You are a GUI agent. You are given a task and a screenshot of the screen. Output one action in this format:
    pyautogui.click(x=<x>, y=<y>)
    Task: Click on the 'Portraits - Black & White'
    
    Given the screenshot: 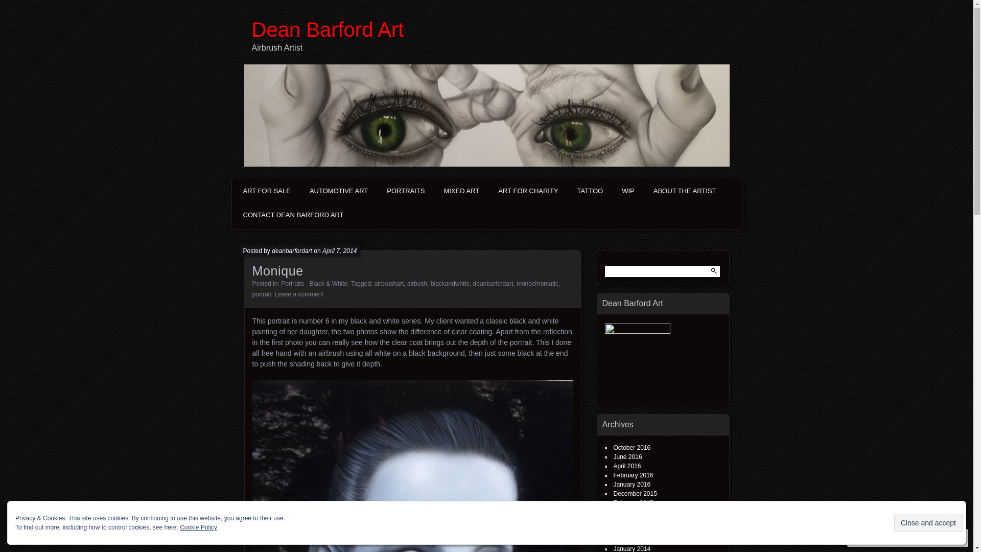 What is the action you would take?
    pyautogui.click(x=281, y=284)
    